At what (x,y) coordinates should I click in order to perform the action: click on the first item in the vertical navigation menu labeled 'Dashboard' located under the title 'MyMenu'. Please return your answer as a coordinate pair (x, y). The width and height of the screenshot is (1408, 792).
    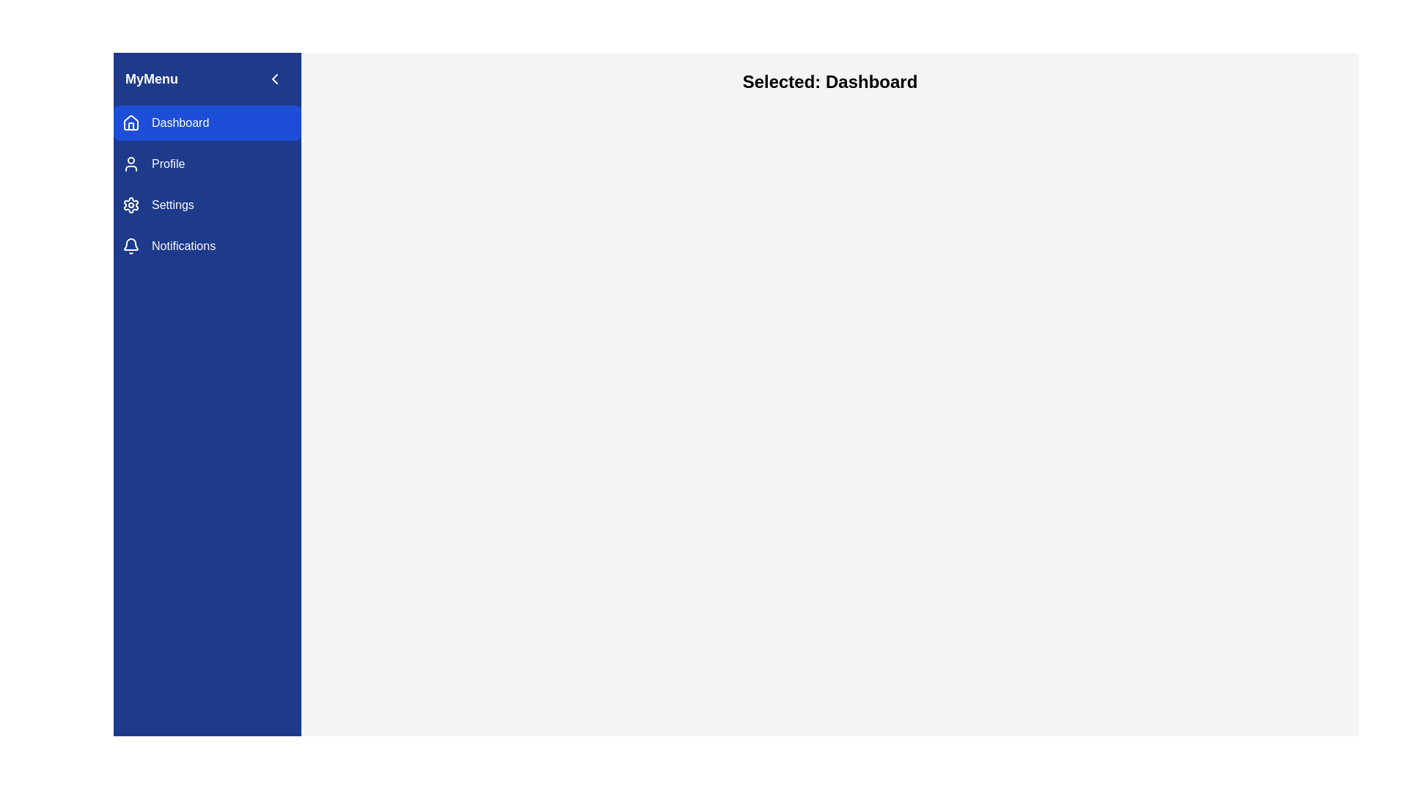
    Looking at the image, I should click on (207, 122).